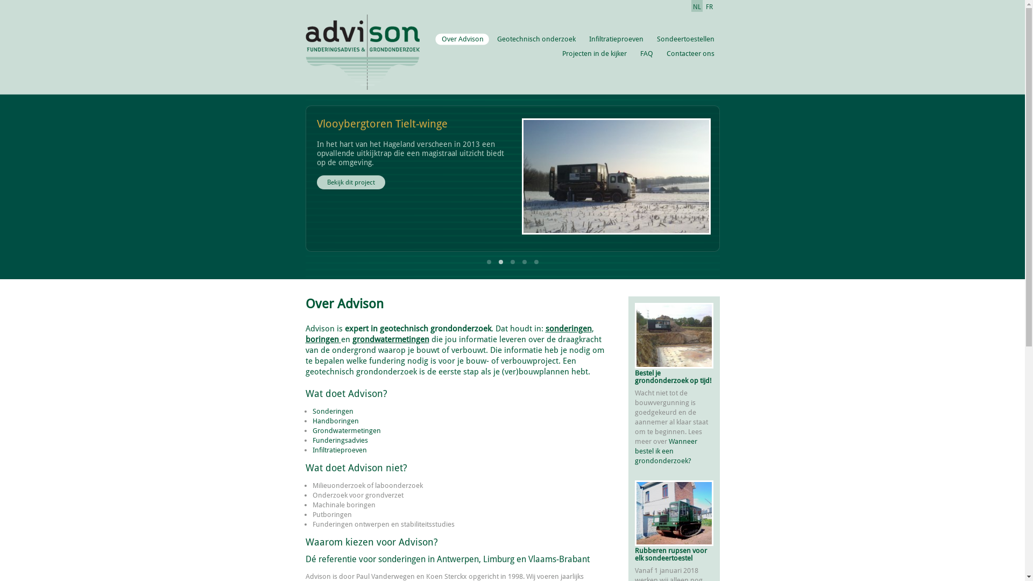 Image resolution: width=1033 pixels, height=581 pixels. I want to click on 'Sondeertoestellen', so click(684, 39).